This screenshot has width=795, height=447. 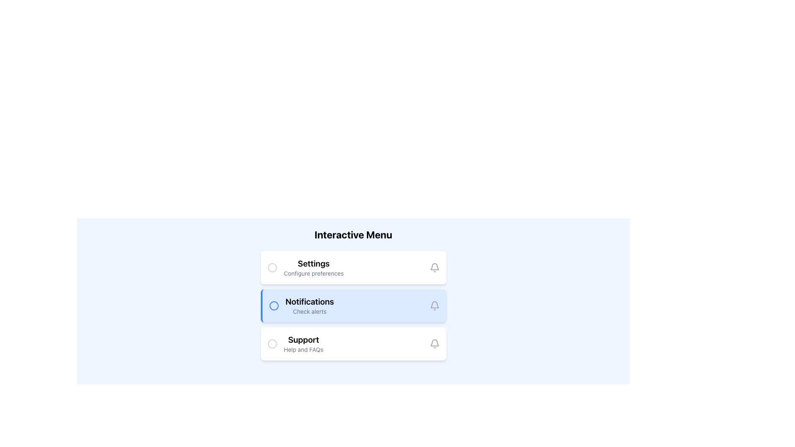 What do you see at coordinates (301, 306) in the screenshot?
I see `the active 'Notifications' menu option, which features a bolded title and a blue circle icon, to activate visual effects` at bounding box center [301, 306].